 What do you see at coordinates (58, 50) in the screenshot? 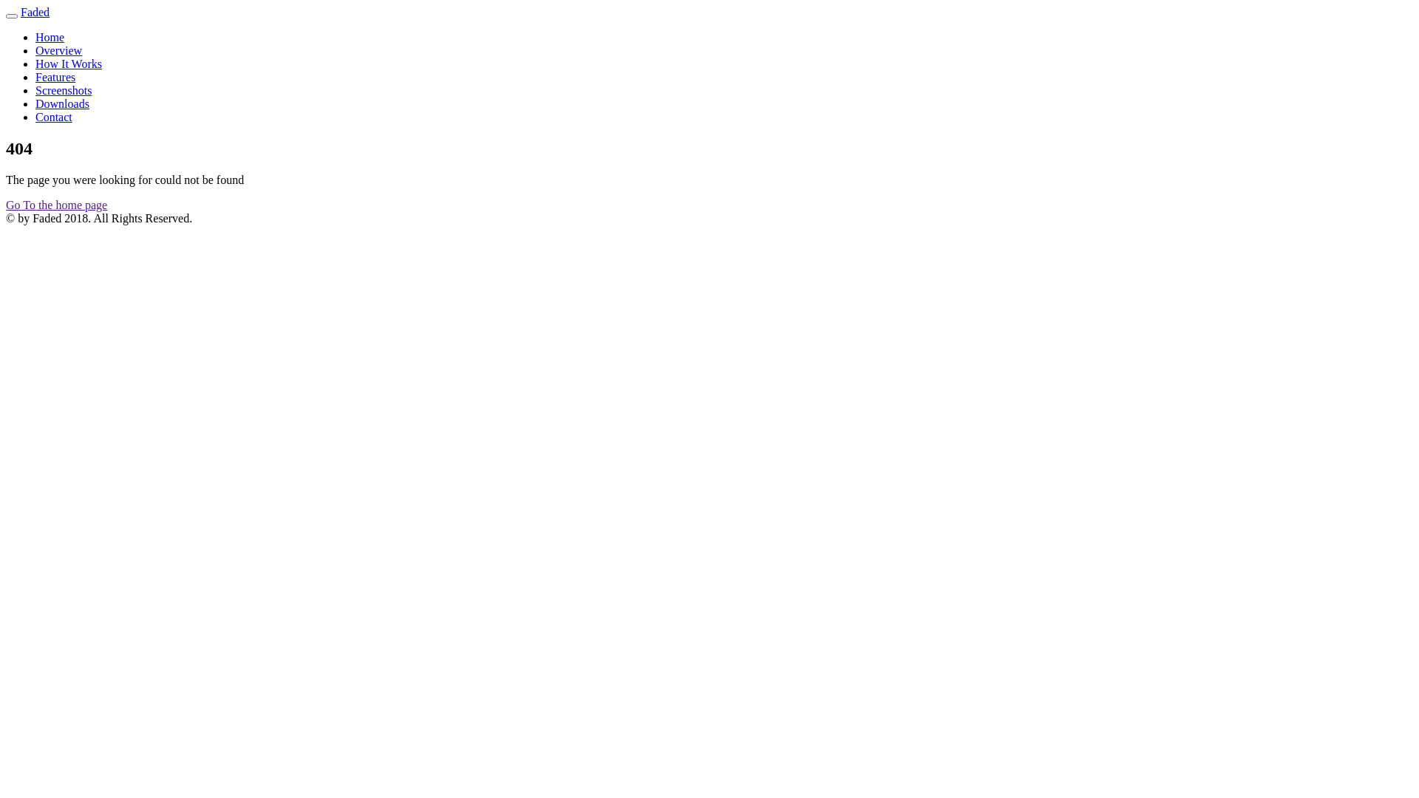
I see `'Overview'` at bounding box center [58, 50].